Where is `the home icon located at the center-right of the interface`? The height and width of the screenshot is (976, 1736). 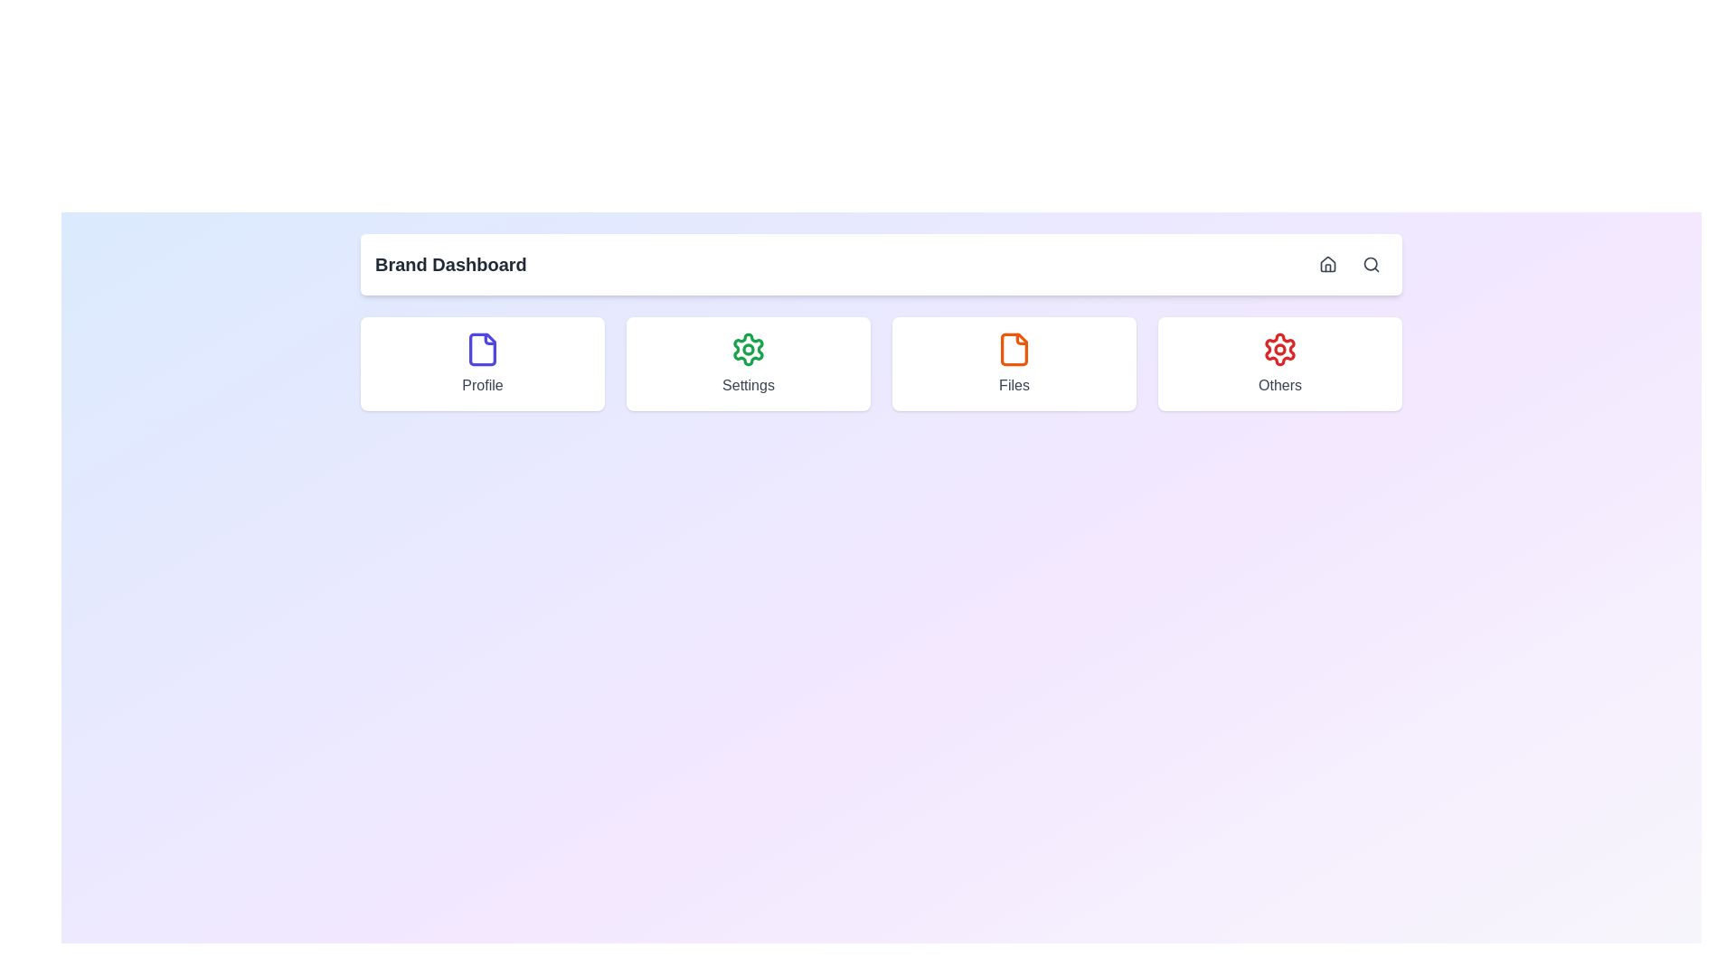
the home icon located at the center-right of the interface is located at coordinates (1327, 264).